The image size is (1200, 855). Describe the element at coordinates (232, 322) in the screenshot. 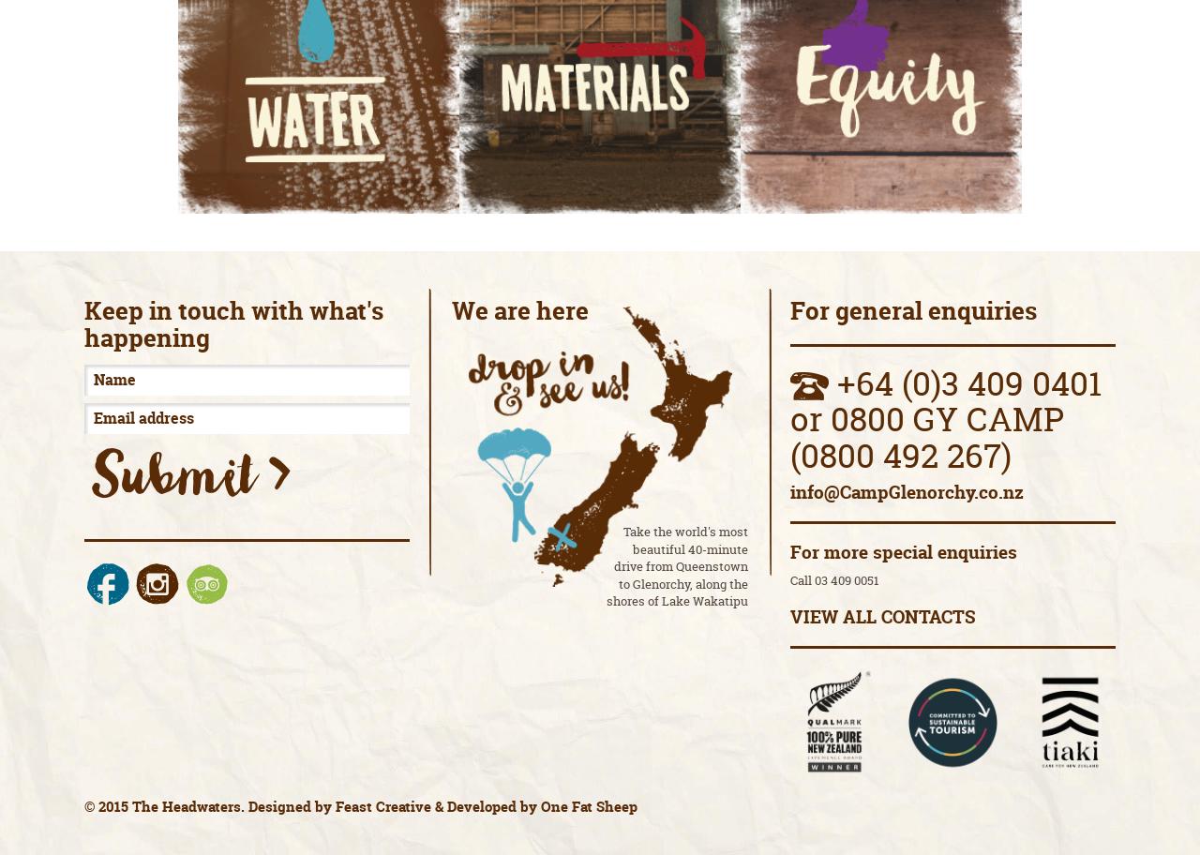

I see `'Keep in touch with what's happening'` at that location.